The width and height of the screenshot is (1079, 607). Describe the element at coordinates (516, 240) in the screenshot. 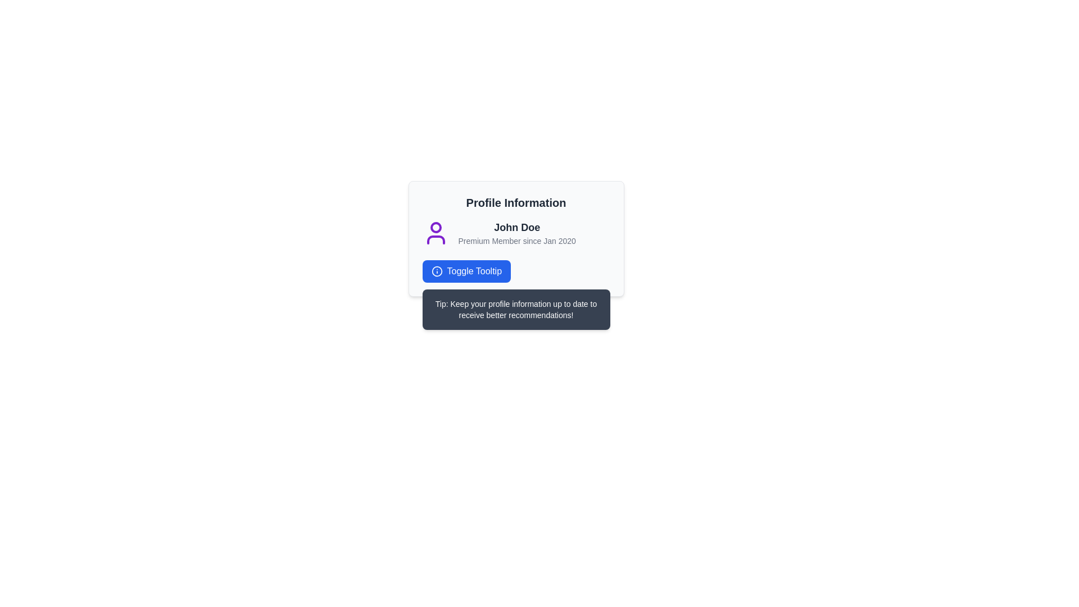

I see `the static text label displaying 'Premium Member since Jan 2020', which is positioned directly below 'John Doe' in the profile card interface` at that location.